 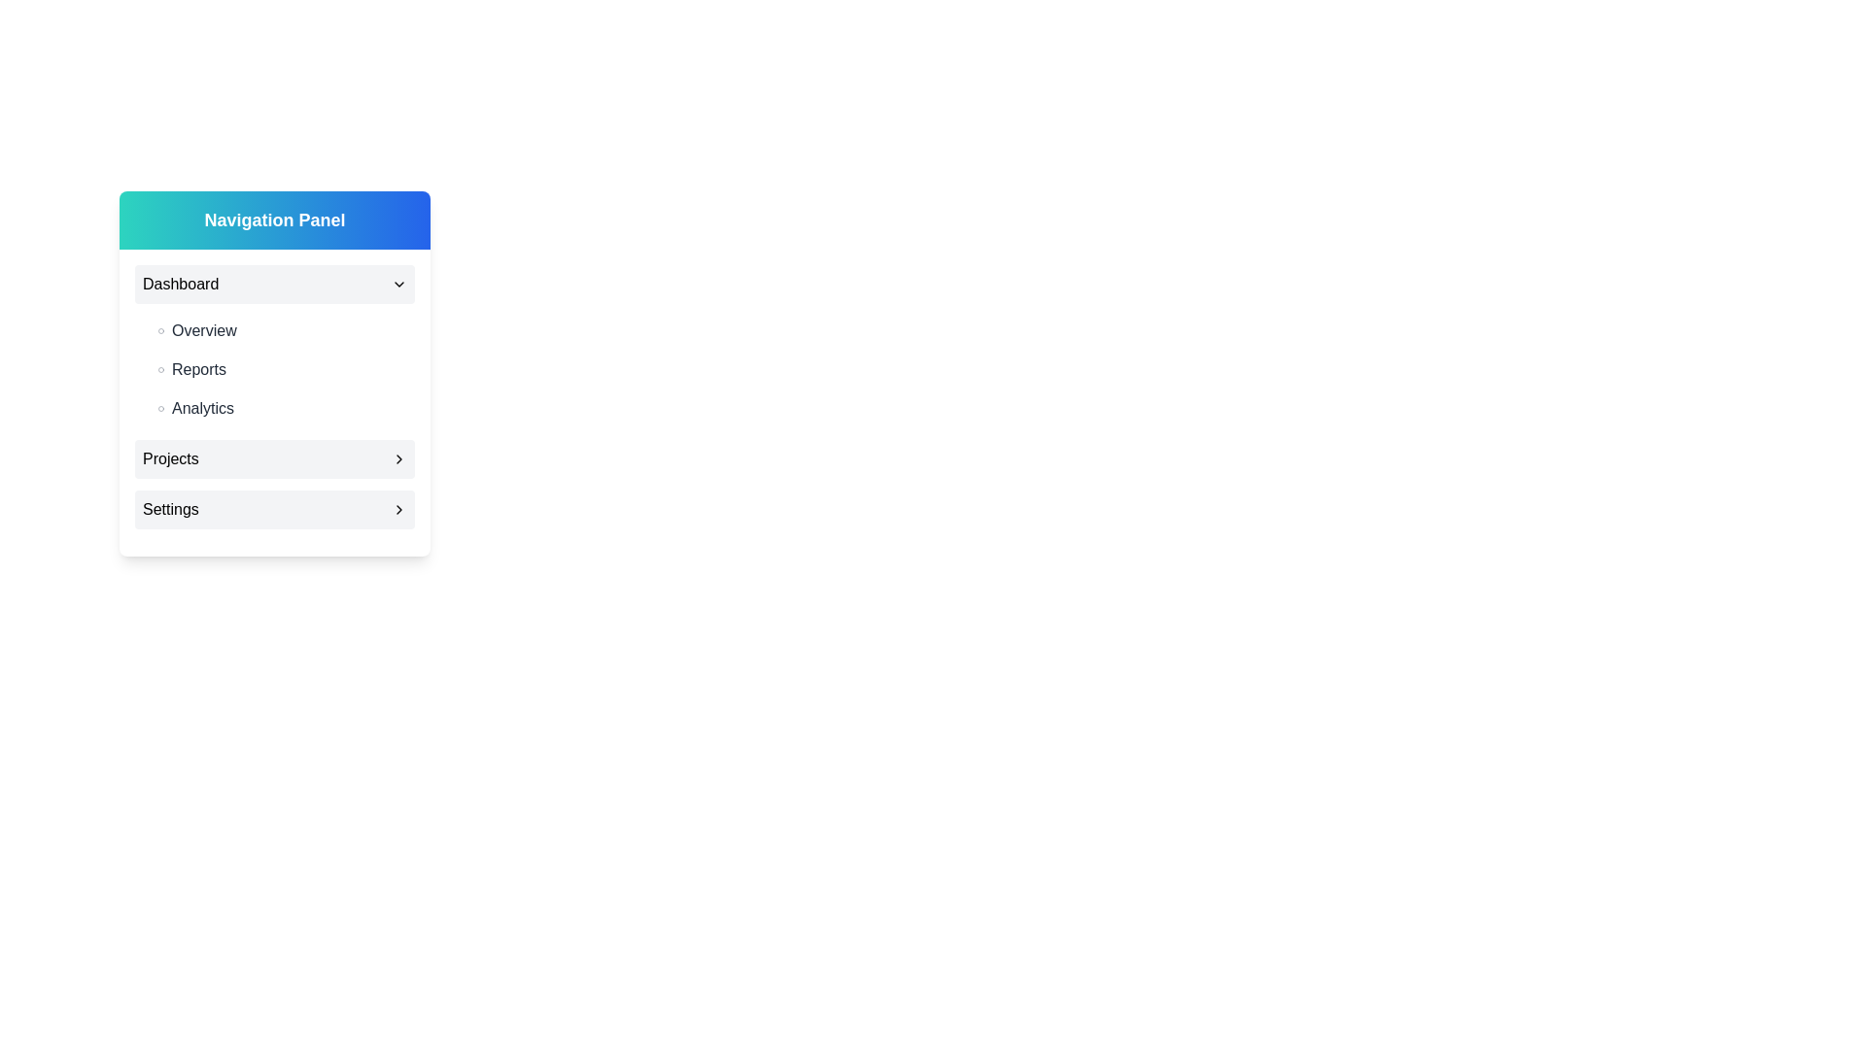 I want to click on the icon next to the 'Settings' menu item, so click(x=398, y=508).